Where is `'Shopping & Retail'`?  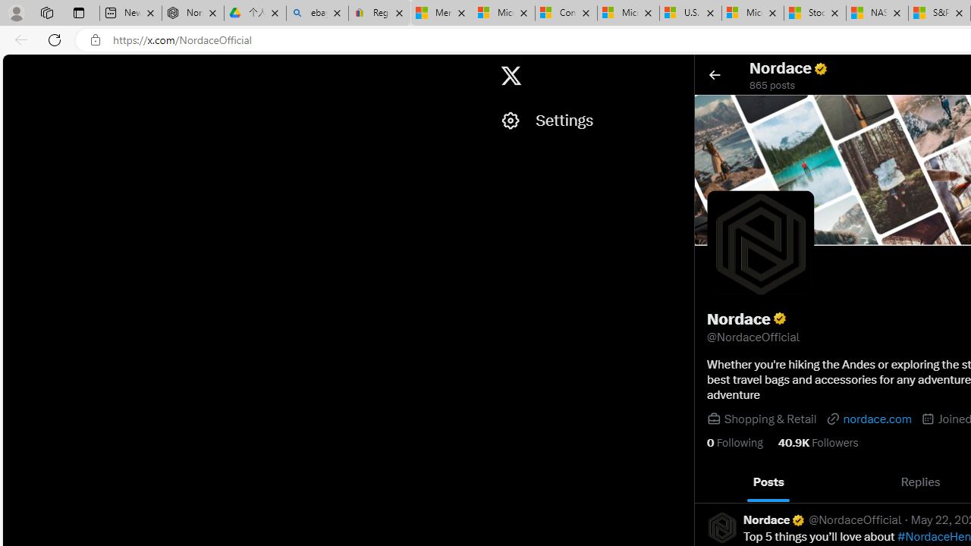
'Shopping & Retail' is located at coordinates (770, 419).